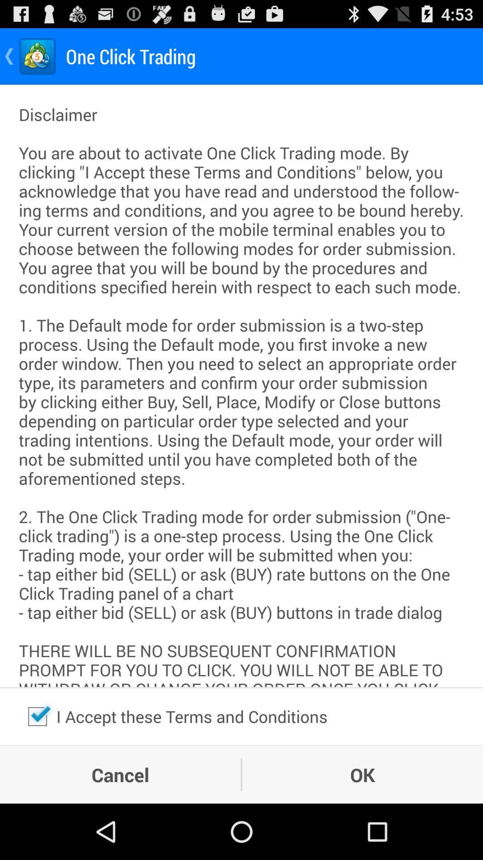 The image size is (483, 860). Describe the element at coordinates (37, 716) in the screenshot. I see `the item to the left of the i accept these item` at that location.